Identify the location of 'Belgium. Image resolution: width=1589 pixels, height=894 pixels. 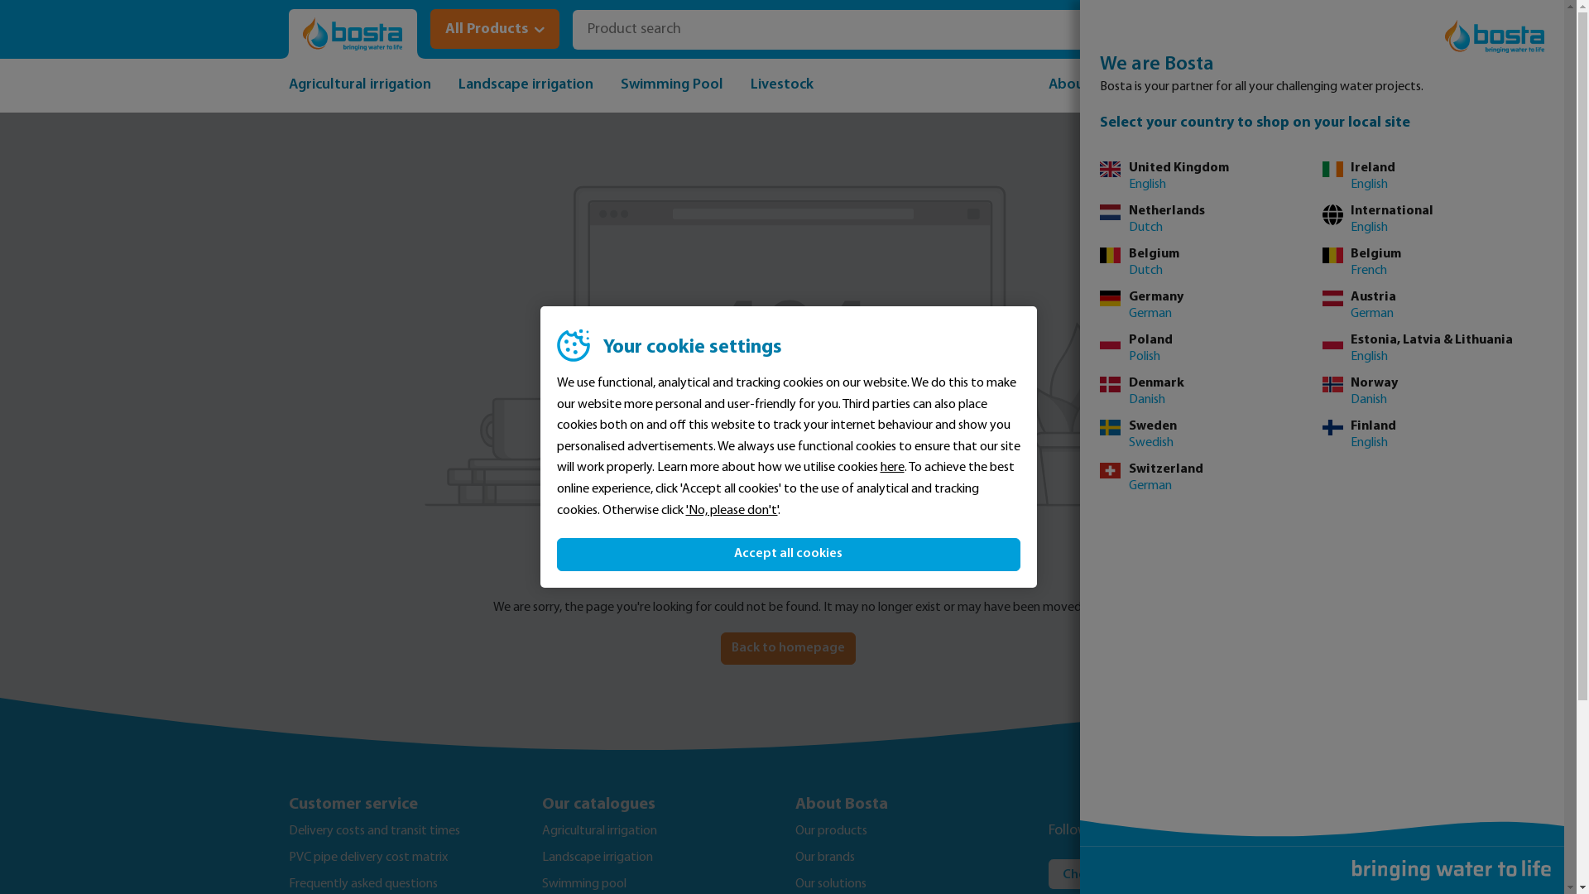
(1433, 261).